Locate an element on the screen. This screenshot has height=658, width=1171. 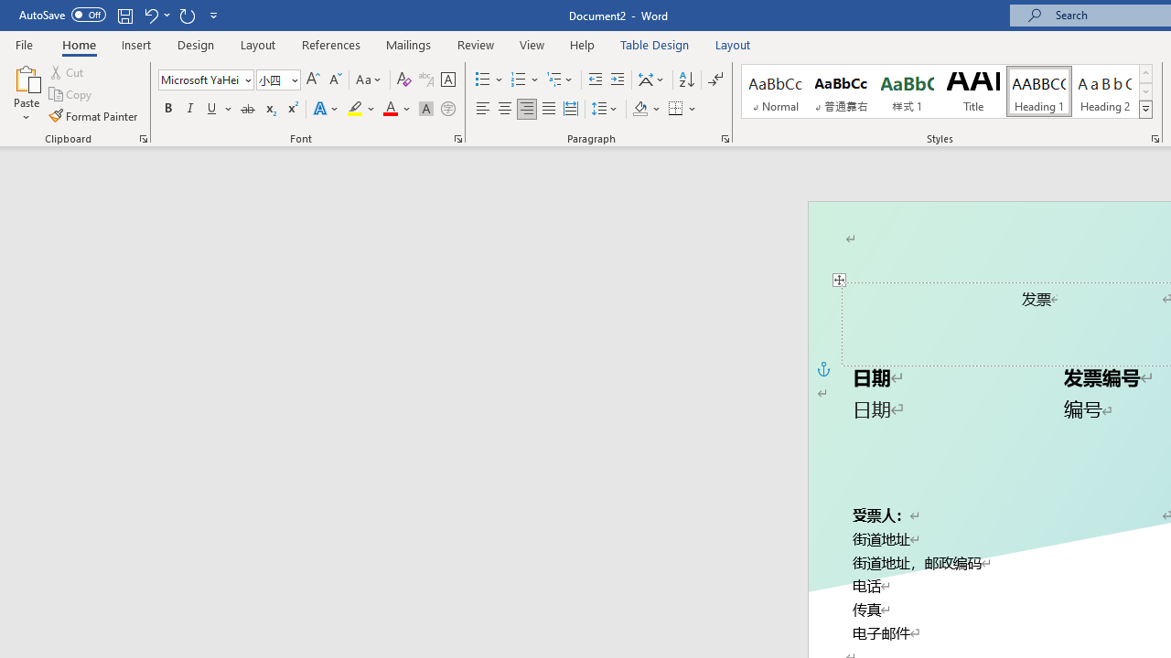
'Strikethrough' is located at coordinates (246, 109).